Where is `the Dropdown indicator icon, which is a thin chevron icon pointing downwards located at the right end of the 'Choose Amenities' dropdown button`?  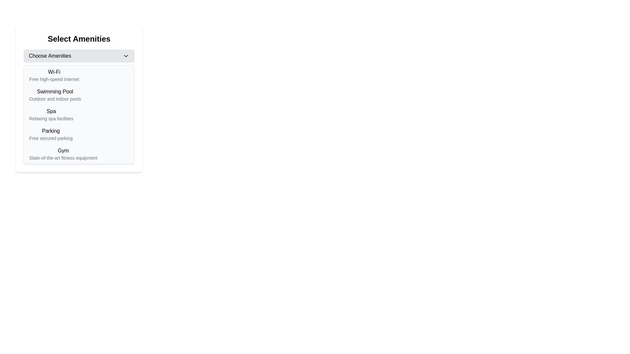
the Dropdown indicator icon, which is a thin chevron icon pointing downwards located at the right end of the 'Choose Amenities' dropdown button is located at coordinates (126, 55).